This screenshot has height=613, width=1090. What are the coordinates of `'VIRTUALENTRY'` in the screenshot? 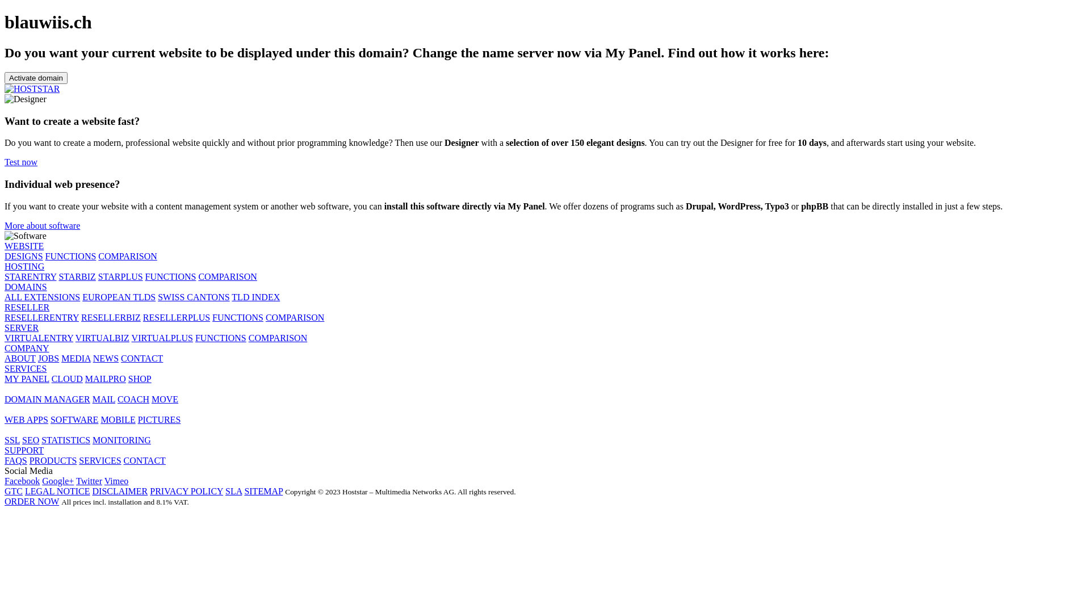 It's located at (5, 337).